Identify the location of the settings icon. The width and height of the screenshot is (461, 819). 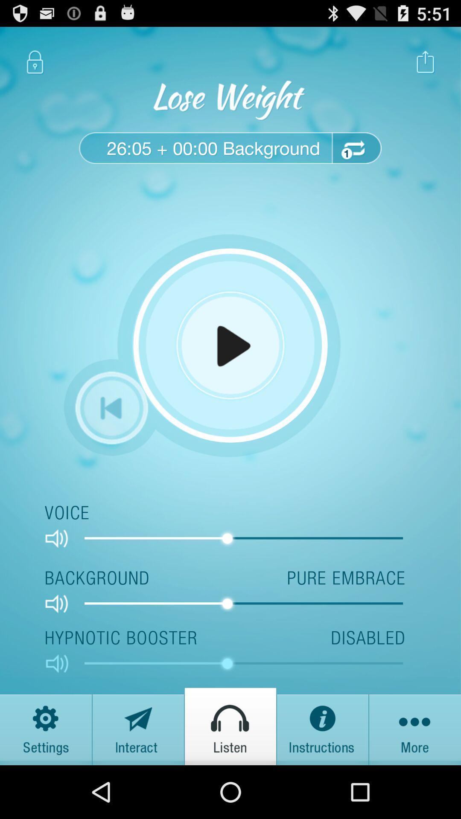
(46, 777).